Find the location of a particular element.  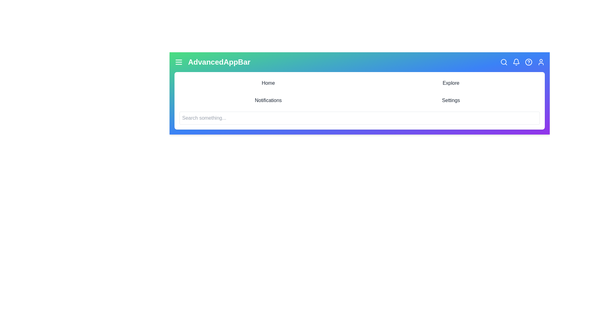

the HelpCircle icon to trigger its functionality is located at coordinates (528, 62).